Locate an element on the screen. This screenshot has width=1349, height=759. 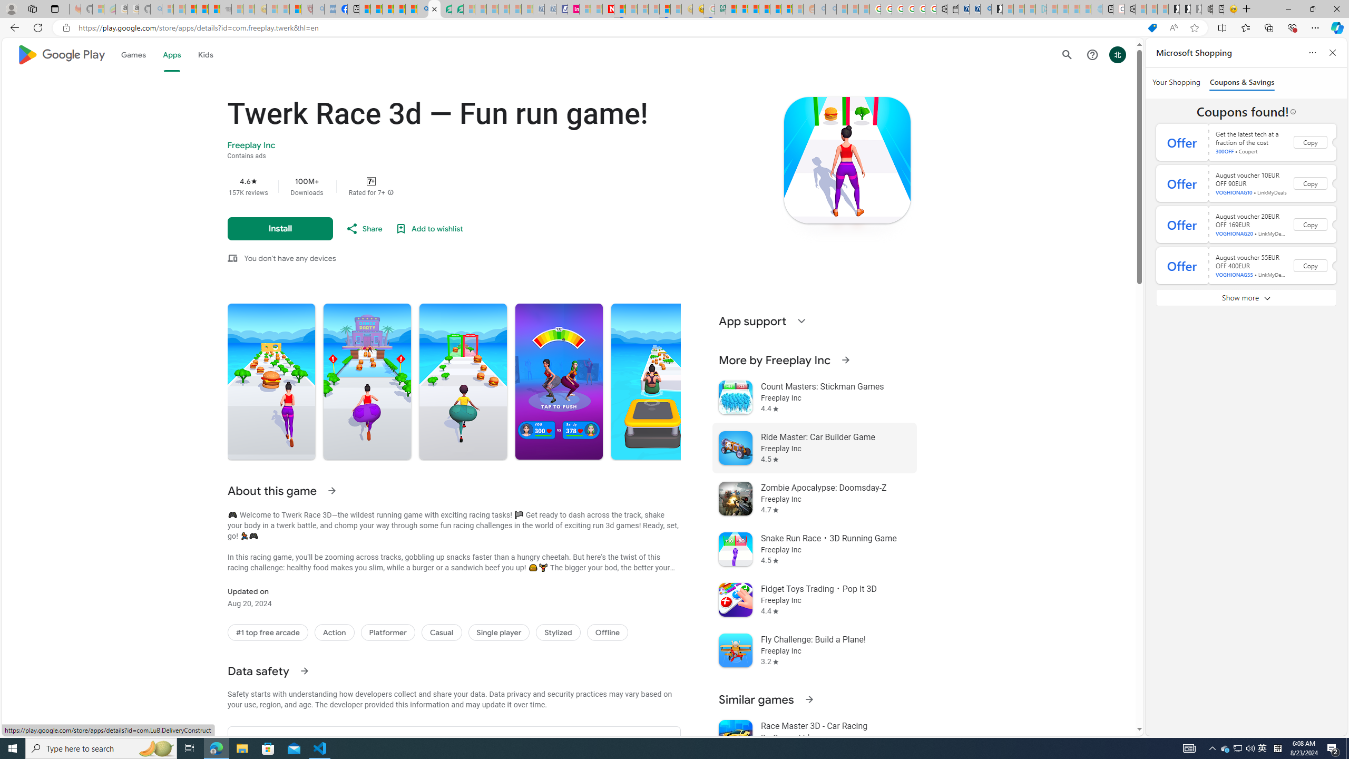
'Jobs - lastminute.com Investor Portal' is located at coordinates (573, 8).